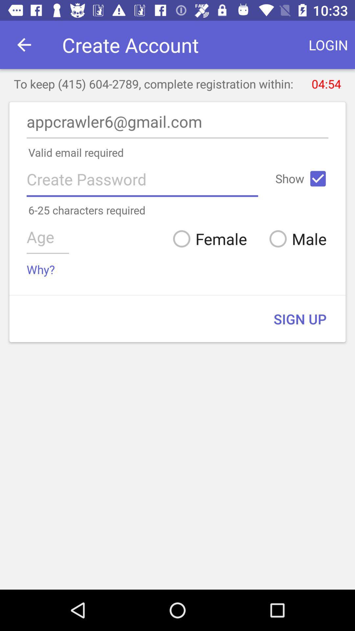  I want to click on the icon next to the show icon, so click(318, 178).